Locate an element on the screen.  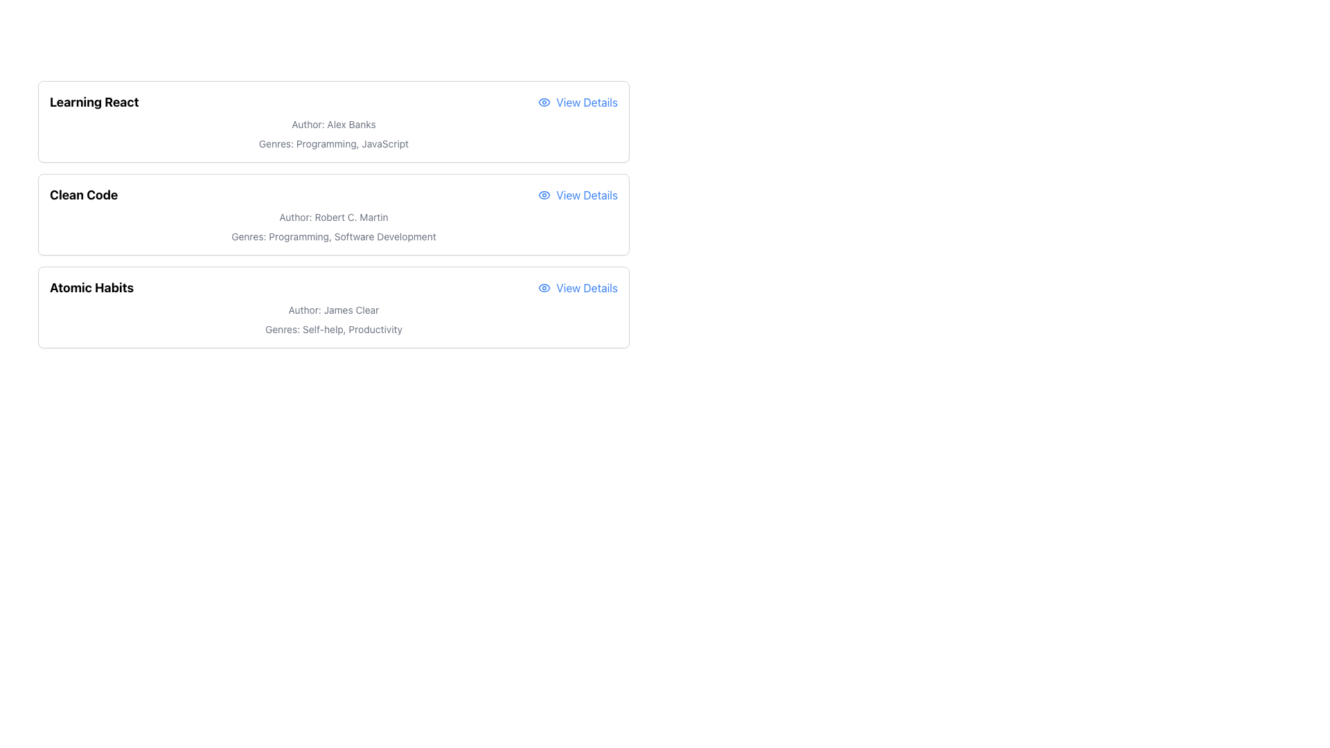
the eye icon adjacent to the 'View Details' text in the first card for the book 'Learning React' is located at coordinates (544, 101).